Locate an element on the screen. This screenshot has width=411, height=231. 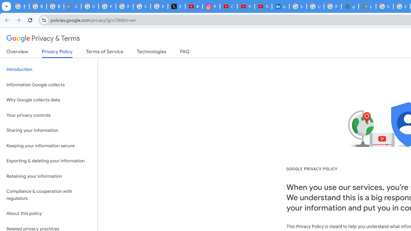
'Exporting & deleting your information' is located at coordinates (48, 161).